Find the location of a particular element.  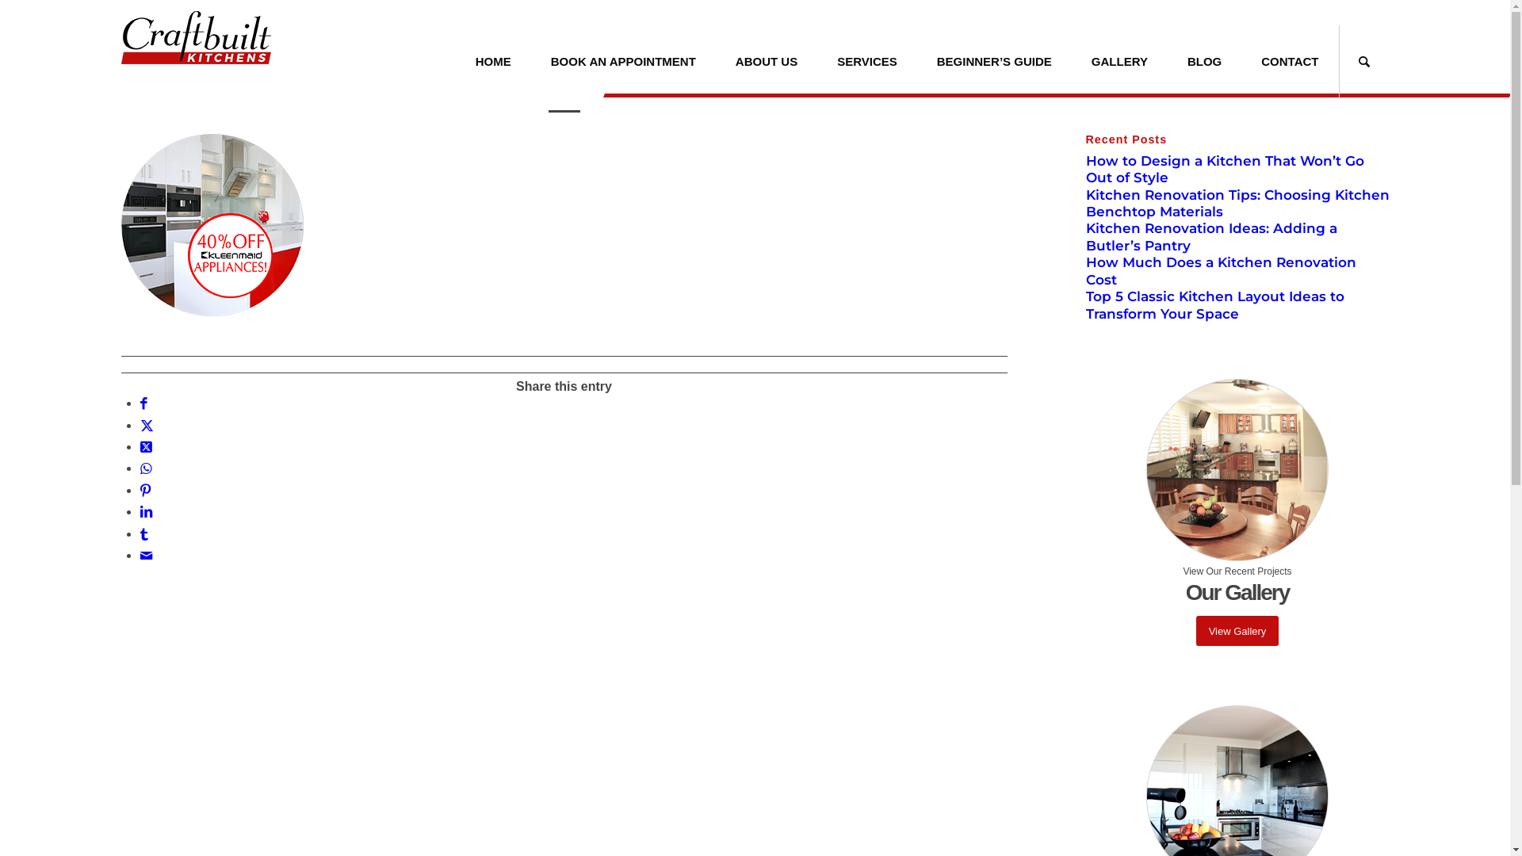

'How Much Does a Kitchen Renovation Cost' is located at coordinates (1220, 269).